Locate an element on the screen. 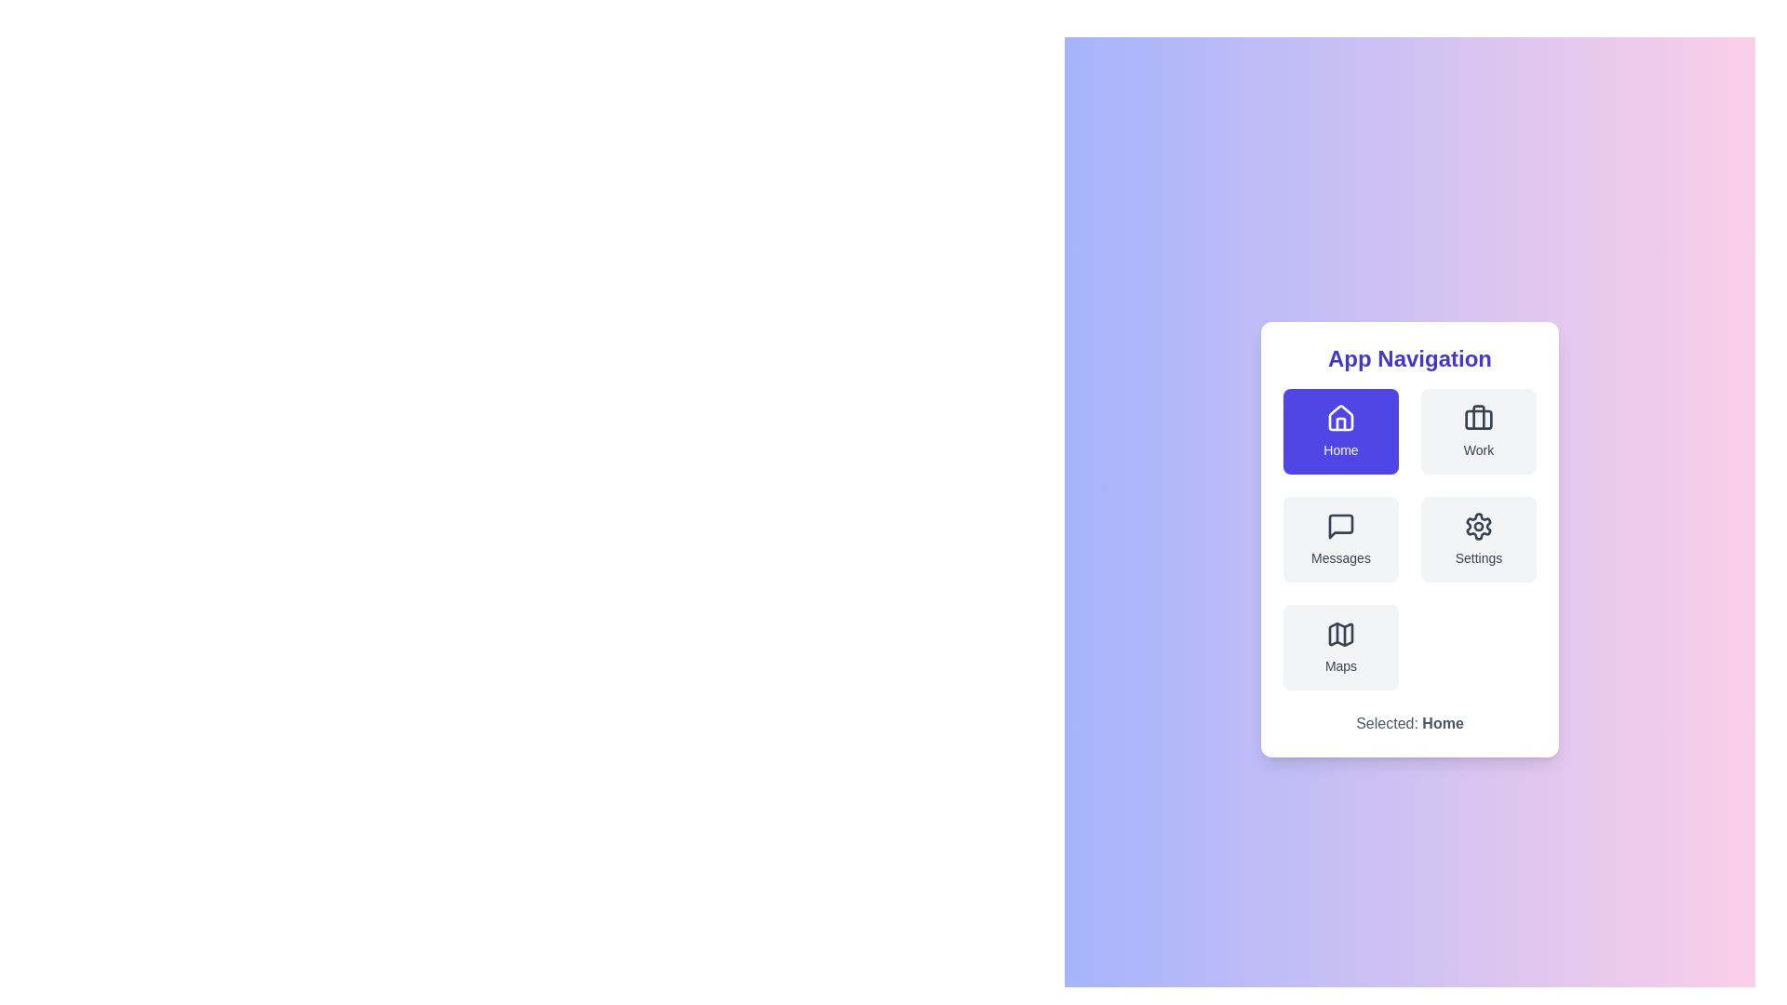 The width and height of the screenshot is (1787, 1005). the menu item labeled Work to preview its visual feedback is located at coordinates (1477, 431).